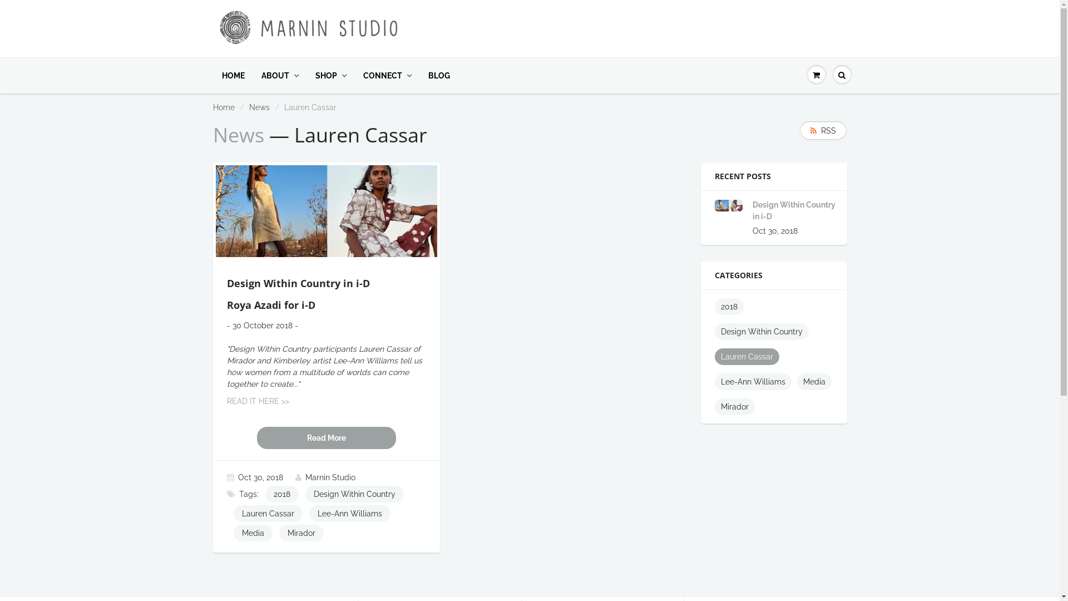 This screenshot has width=1068, height=601. What do you see at coordinates (729, 307) in the screenshot?
I see `'2018'` at bounding box center [729, 307].